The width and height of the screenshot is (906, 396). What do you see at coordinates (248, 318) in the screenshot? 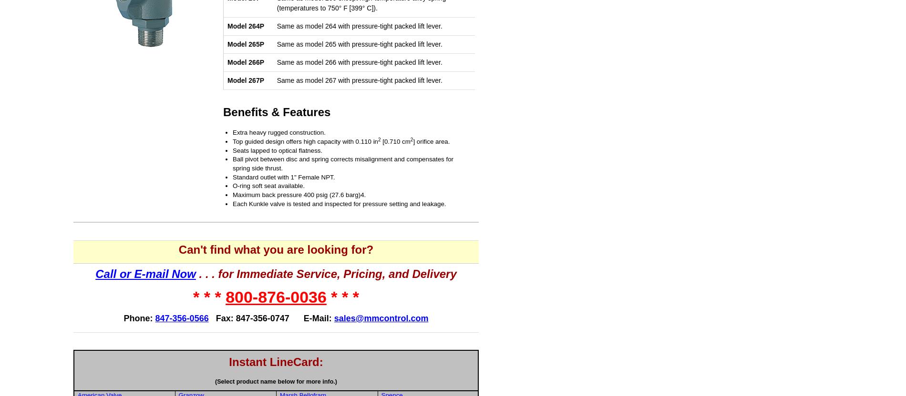
I see `'Fax: 847-356-0747'` at bounding box center [248, 318].